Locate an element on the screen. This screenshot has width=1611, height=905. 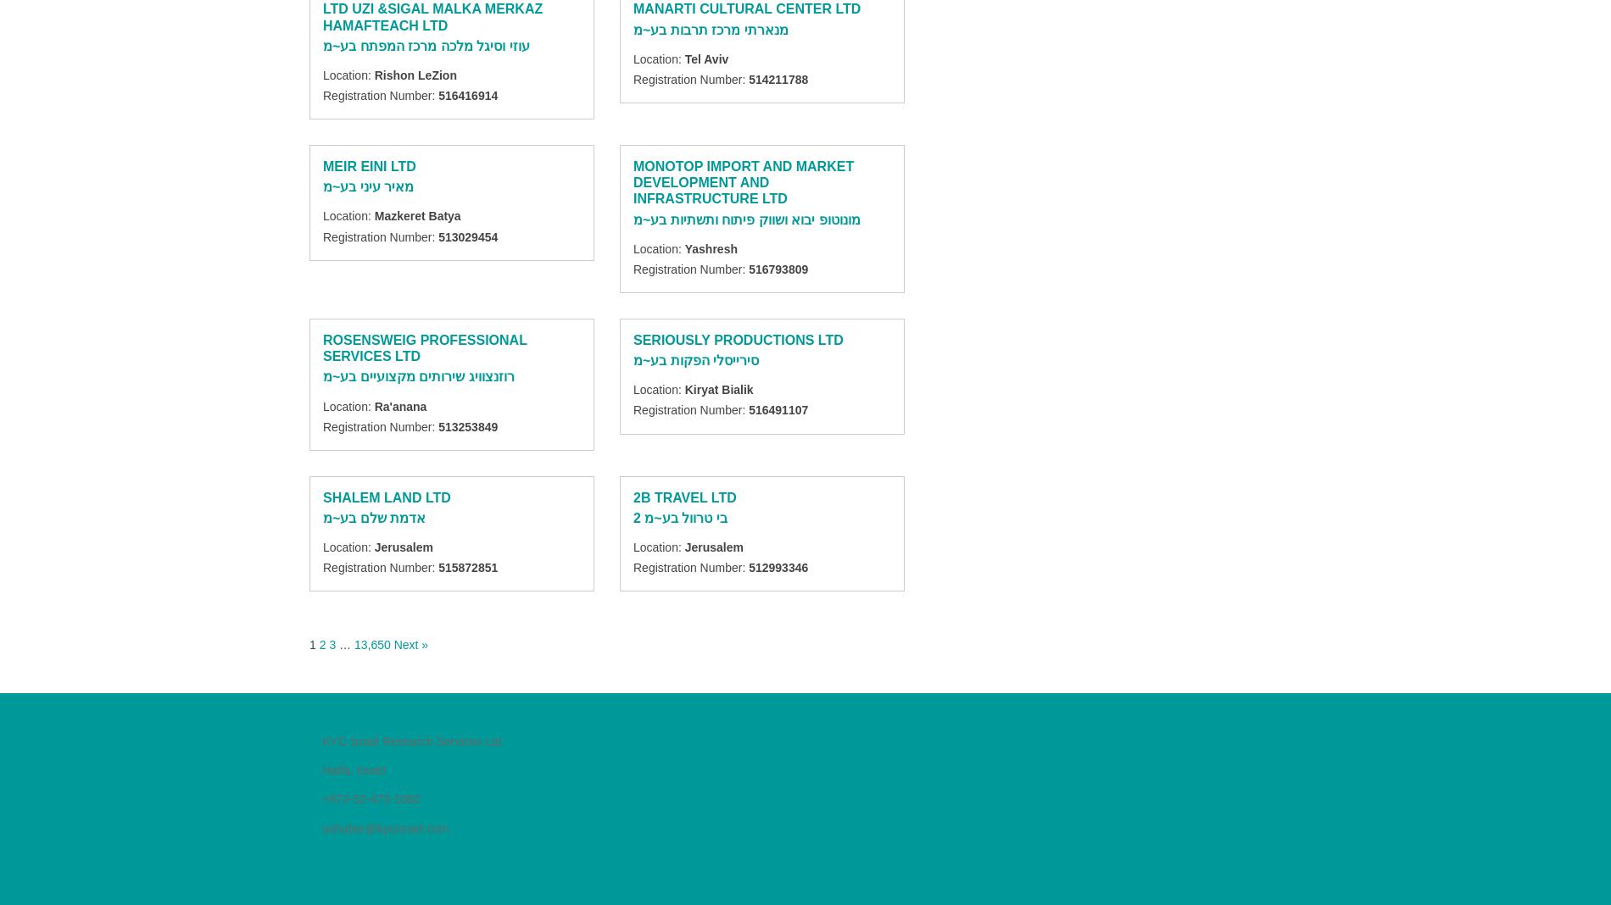
'Yashresh' is located at coordinates (710, 247).